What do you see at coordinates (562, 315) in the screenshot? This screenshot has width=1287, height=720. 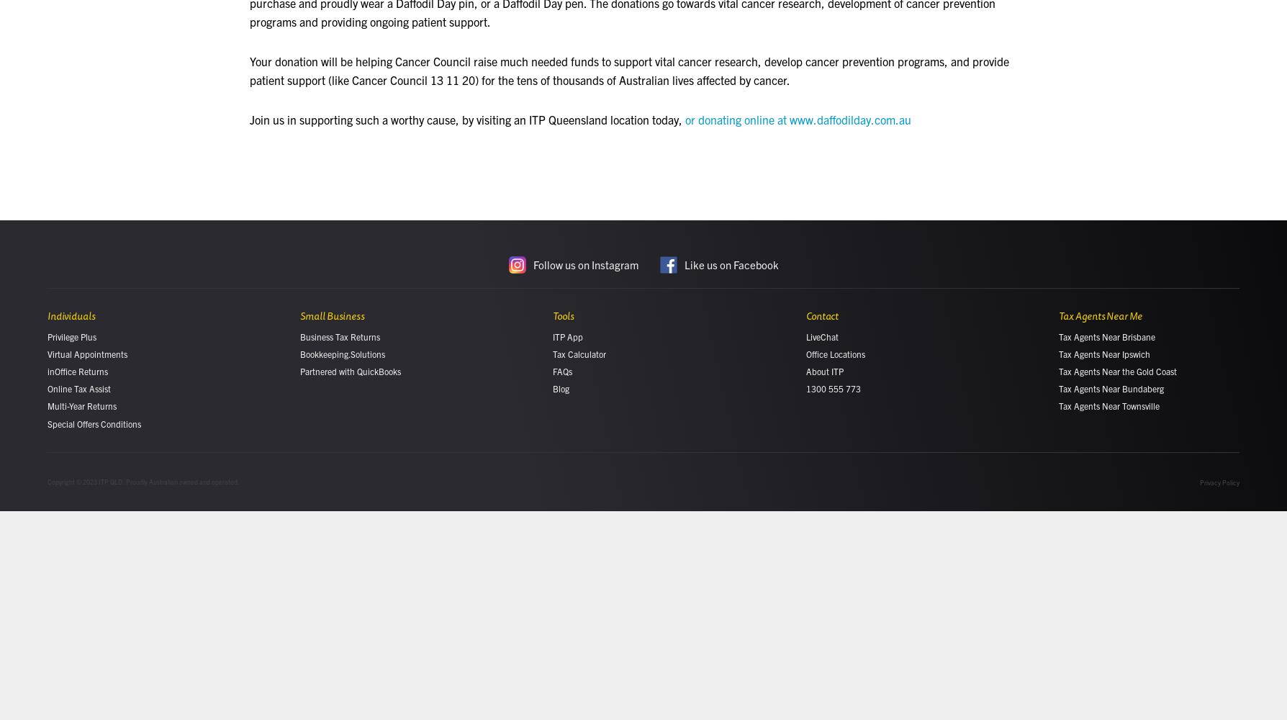 I see `'Tools'` at bounding box center [562, 315].